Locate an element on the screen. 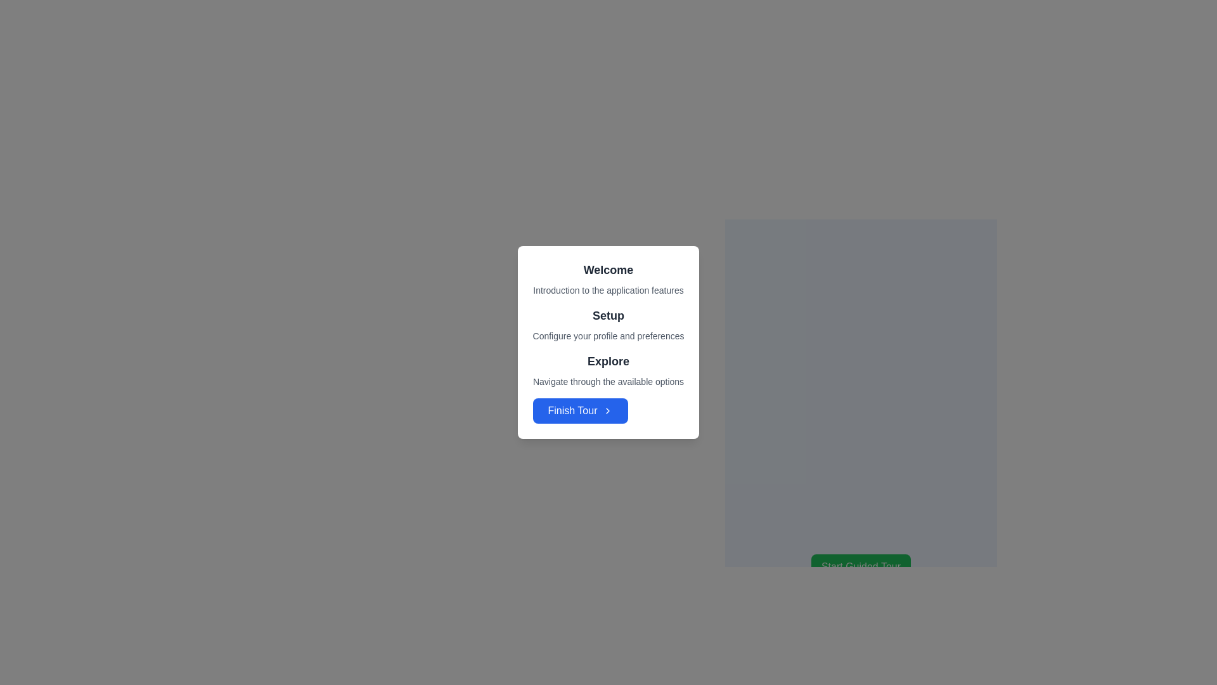  the green button labeled 'Start Guided Tour' to observe its hover effect is located at coordinates (861, 566).